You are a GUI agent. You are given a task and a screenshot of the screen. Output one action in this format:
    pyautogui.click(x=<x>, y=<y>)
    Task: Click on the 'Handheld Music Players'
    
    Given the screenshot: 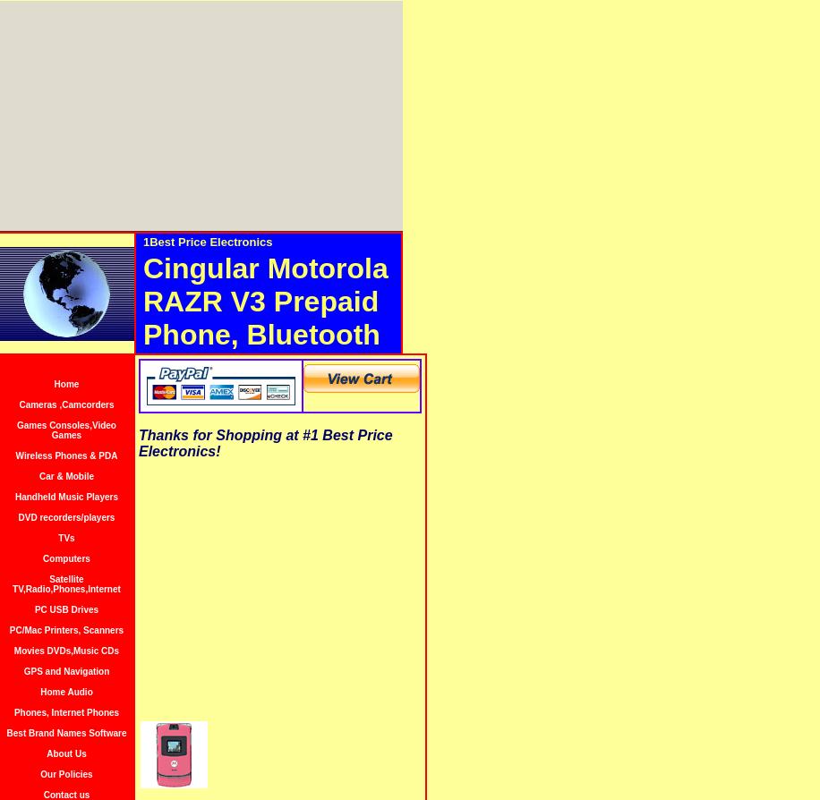 What is the action you would take?
    pyautogui.click(x=65, y=497)
    